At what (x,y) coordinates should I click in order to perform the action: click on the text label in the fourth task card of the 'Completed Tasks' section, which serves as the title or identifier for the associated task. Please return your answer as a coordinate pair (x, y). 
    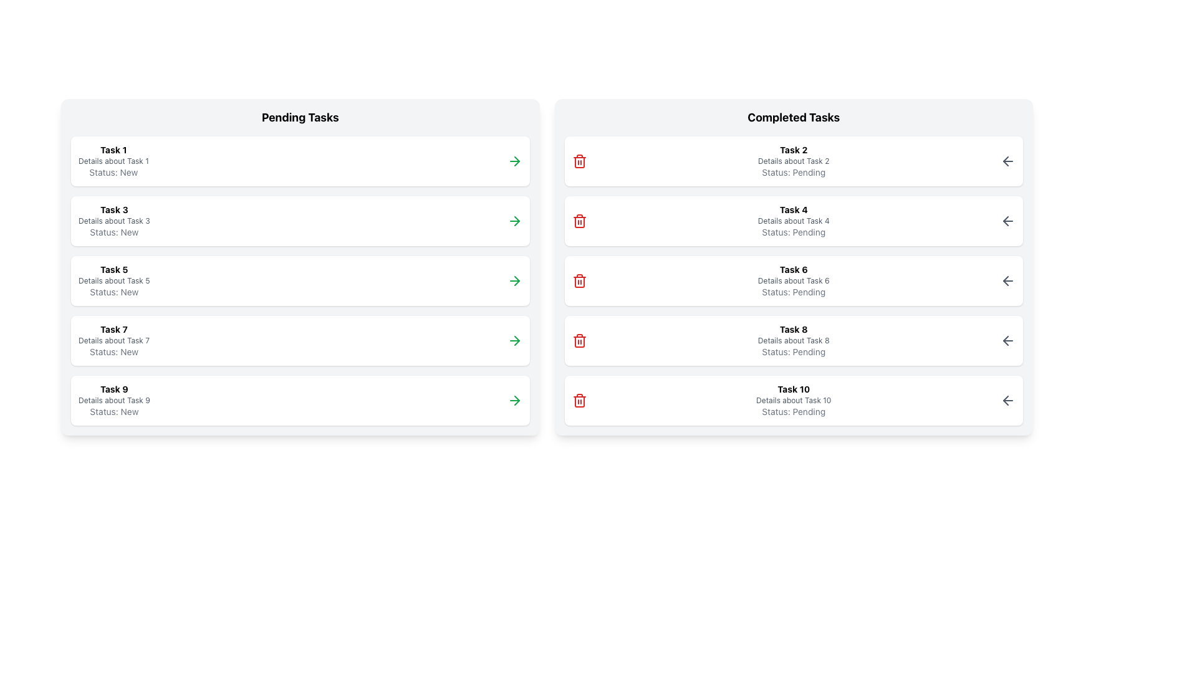
    Looking at the image, I should click on (793, 328).